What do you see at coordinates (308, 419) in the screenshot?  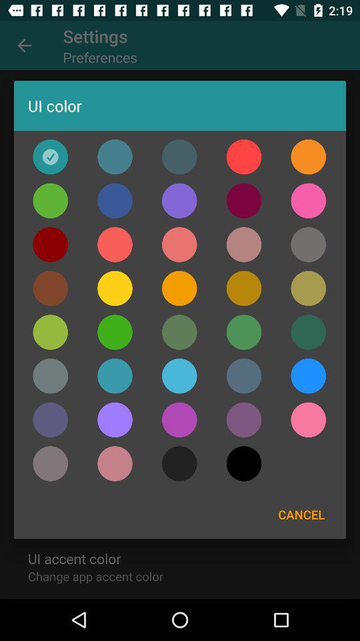 I see `item above the cancel icon` at bounding box center [308, 419].